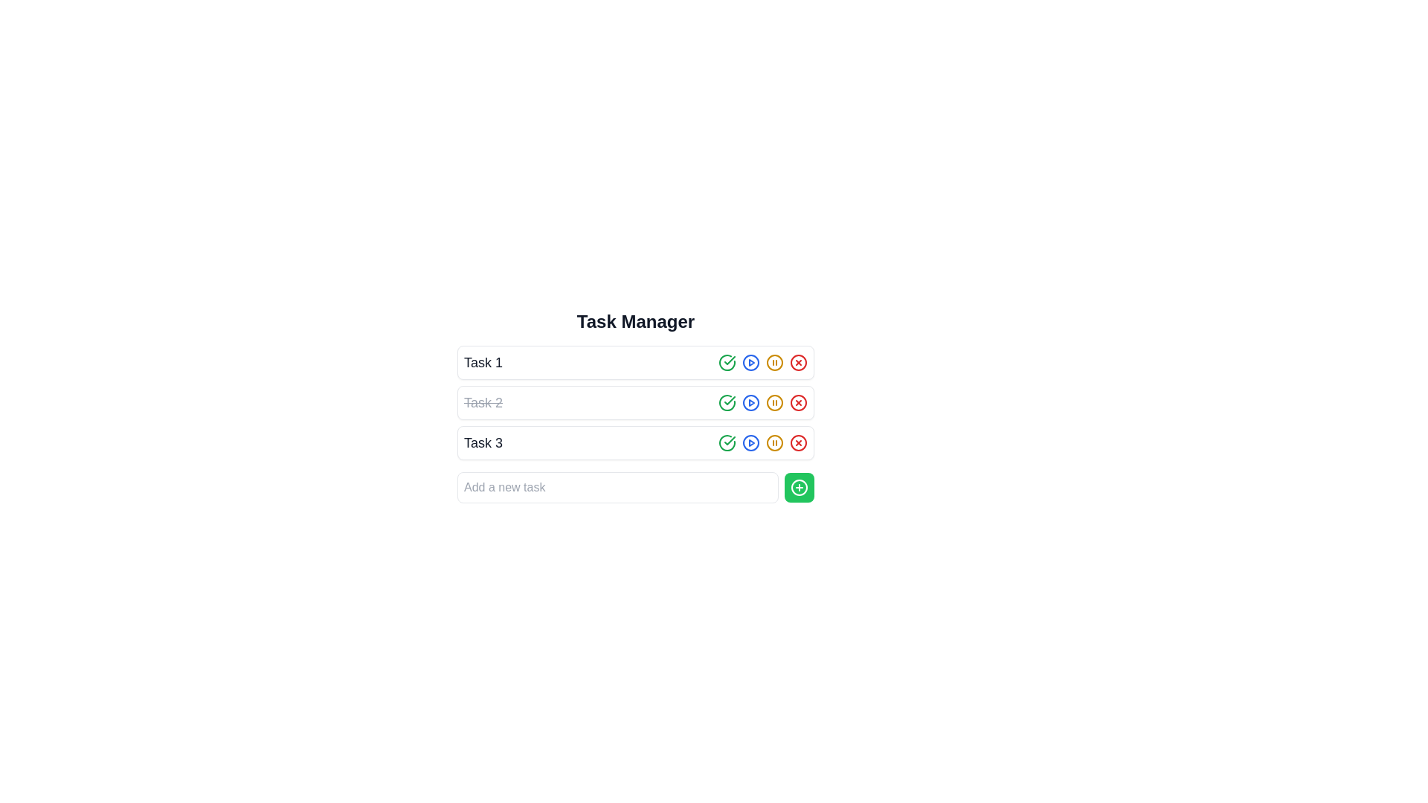 The width and height of the screenshot is (1428, 803). What do you see at coordinates (727, 363) in the screenshot?
I see `the first green circular icon button located to the right of 'Task 1'` at bounding box center [727, 363].